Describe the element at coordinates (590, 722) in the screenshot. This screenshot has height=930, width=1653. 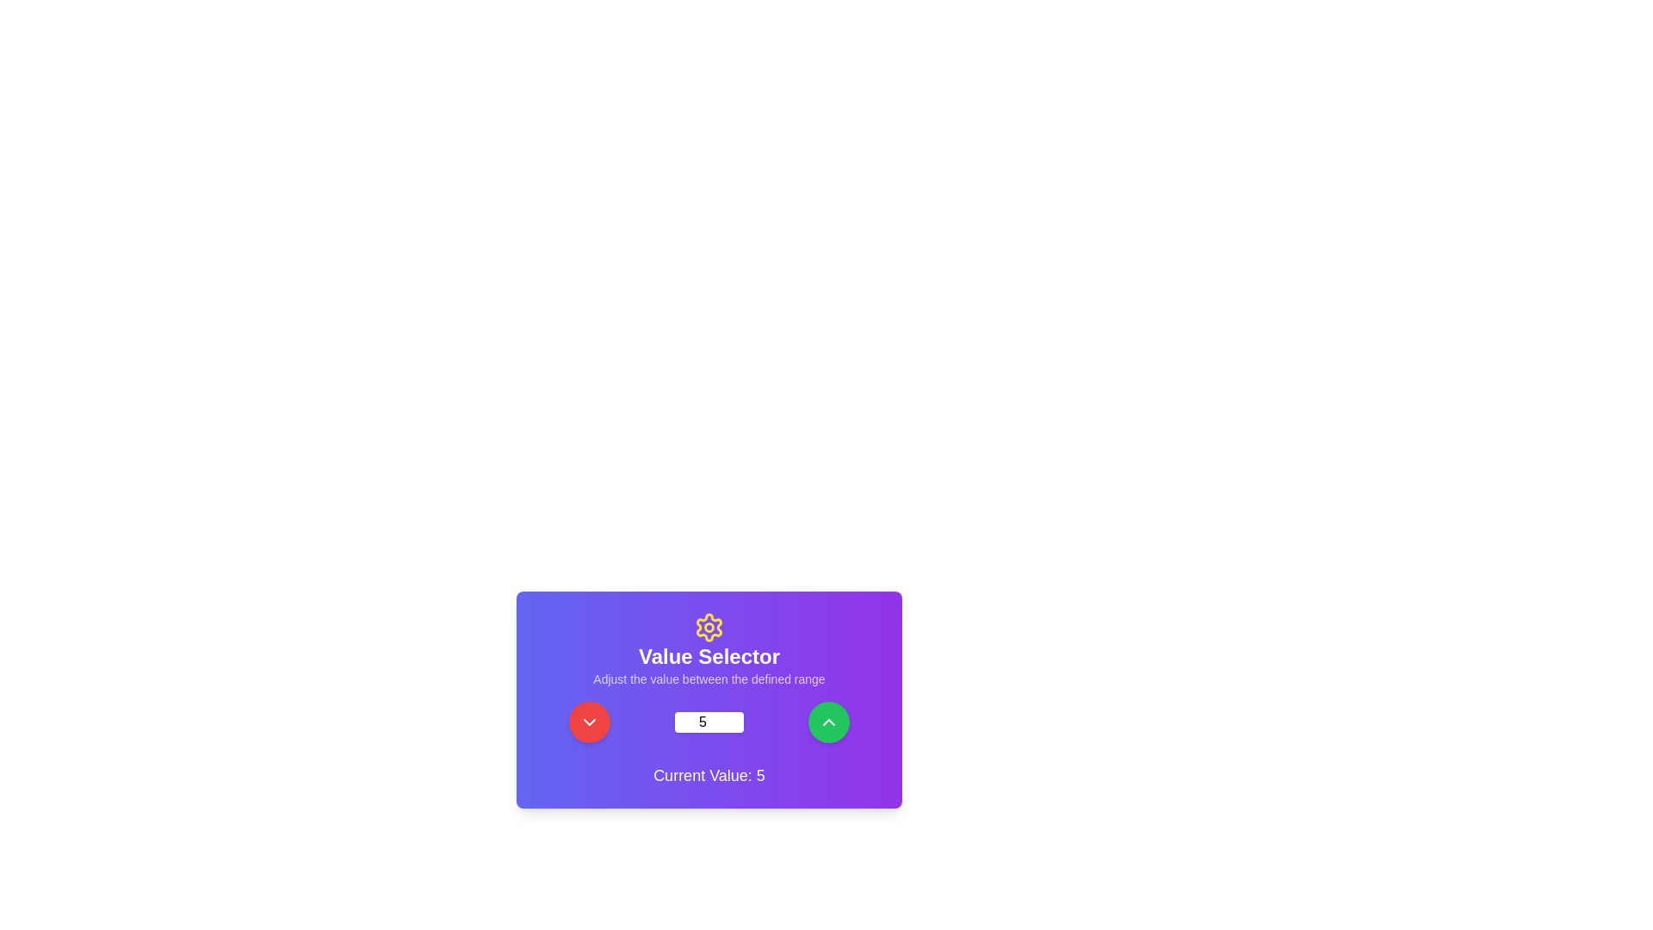
I see `the leftmost circular button with a red background and a white downward chevron icon to decrease the value` at that location.